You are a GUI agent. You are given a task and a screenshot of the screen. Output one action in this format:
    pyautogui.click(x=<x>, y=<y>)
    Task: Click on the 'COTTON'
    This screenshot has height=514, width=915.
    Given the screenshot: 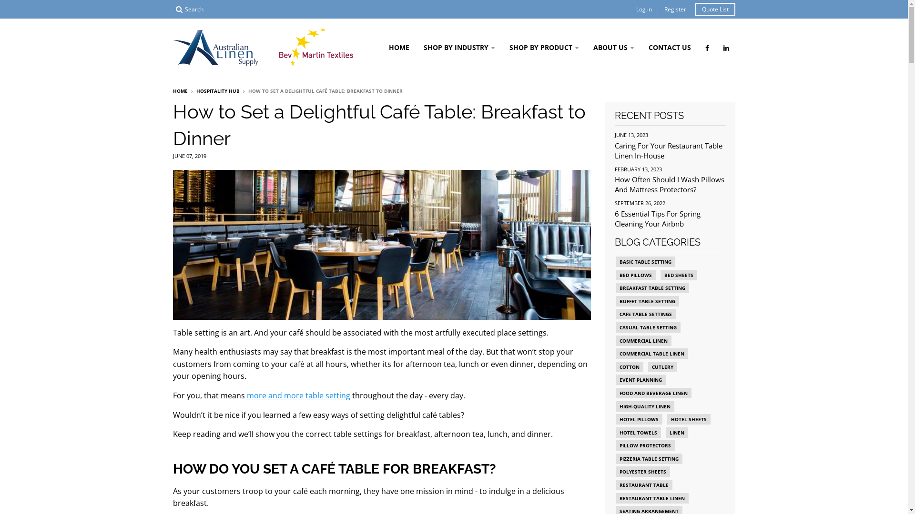 What is the action you would take?
    pyautogui.click(x=629, y=366)
    